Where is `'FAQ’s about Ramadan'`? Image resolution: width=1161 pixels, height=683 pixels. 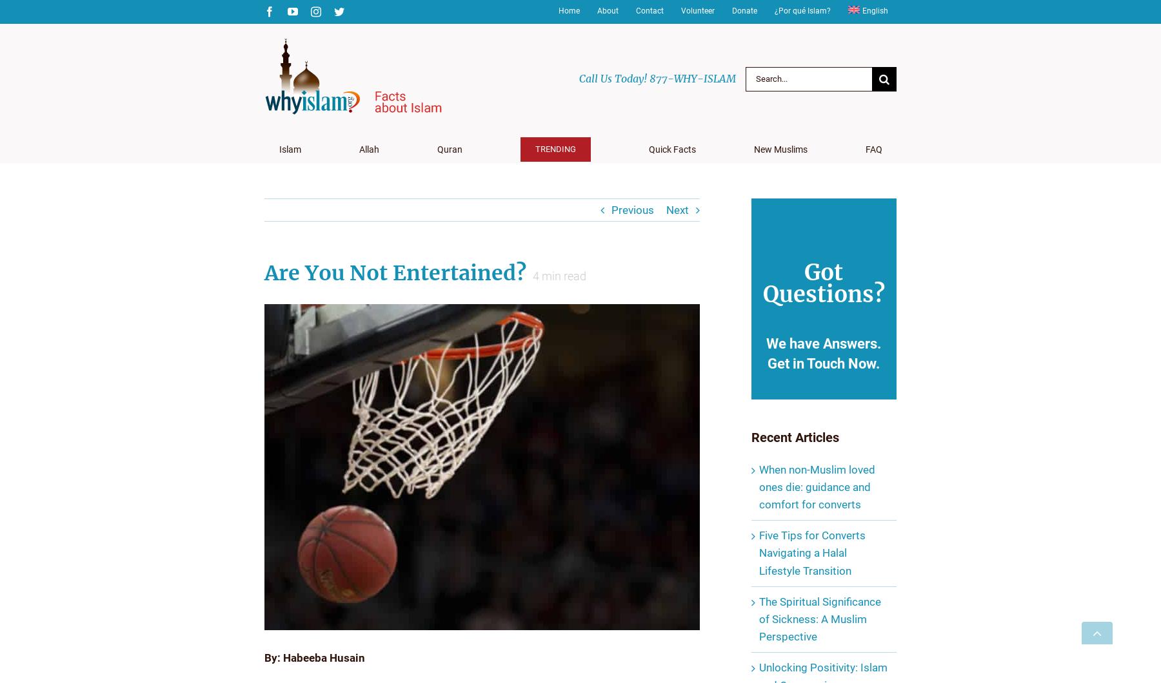 'FAQ’s about Ramadan' is located at coordinates (621, 284).